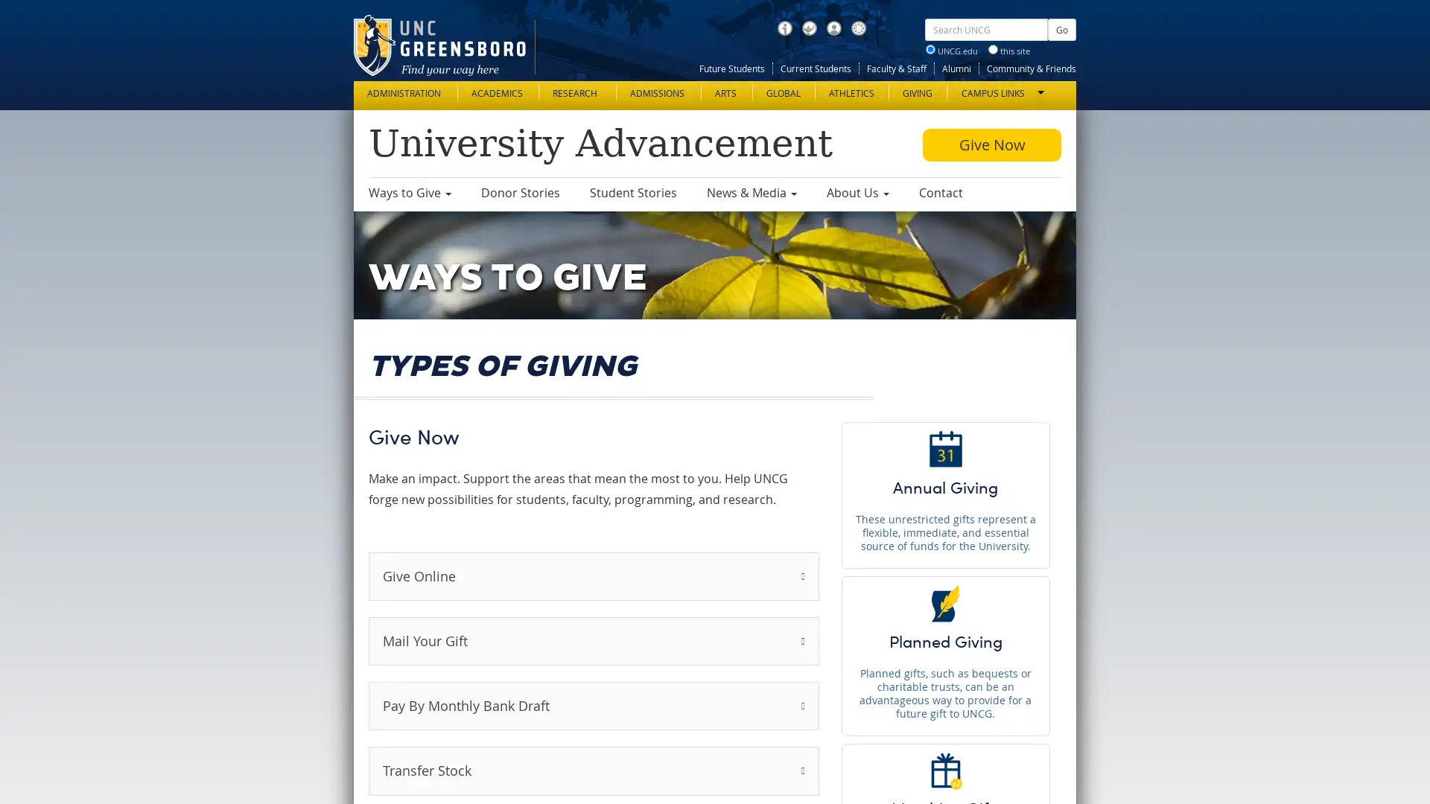 The width and height of the screenshot is (1430, 804). Describe the element at coordinates (592, 770) in the screenshot. I see `Transfer Stock` at that location.